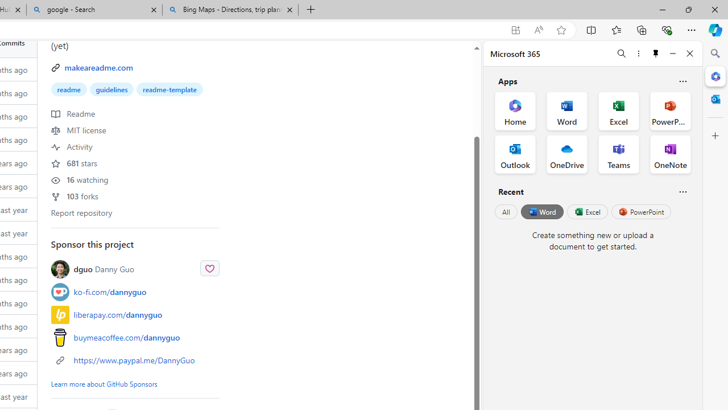 This screenshot has height=410, width=728. What do you see at coordinates (73, 162) in the screenshot?
I see `'681 stars'` at bounding box center [73, 162].